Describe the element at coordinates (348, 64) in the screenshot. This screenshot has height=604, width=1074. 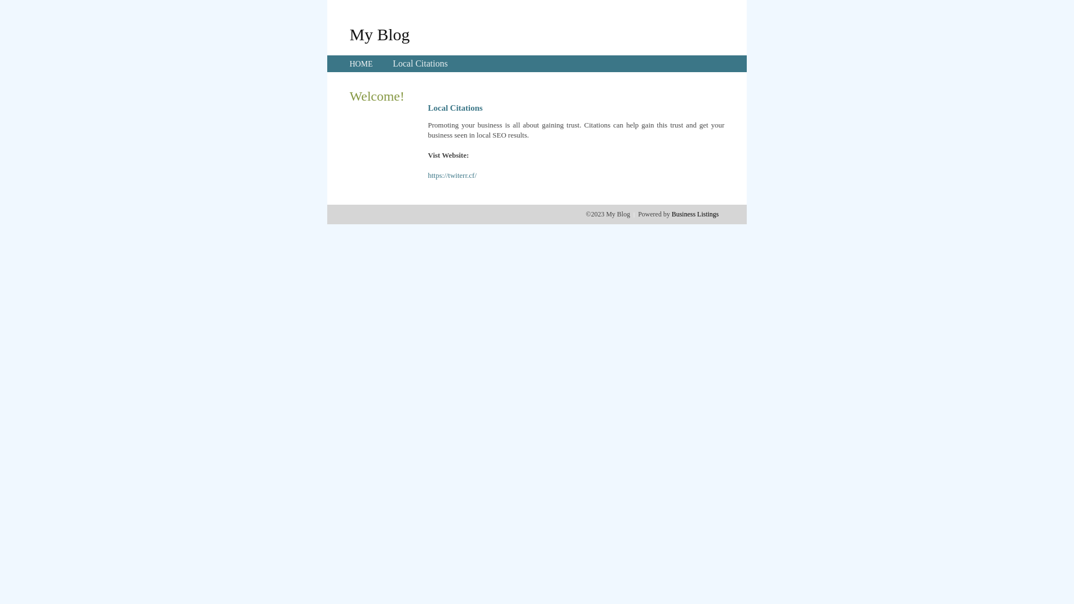
I see `'HOME'` at that location.